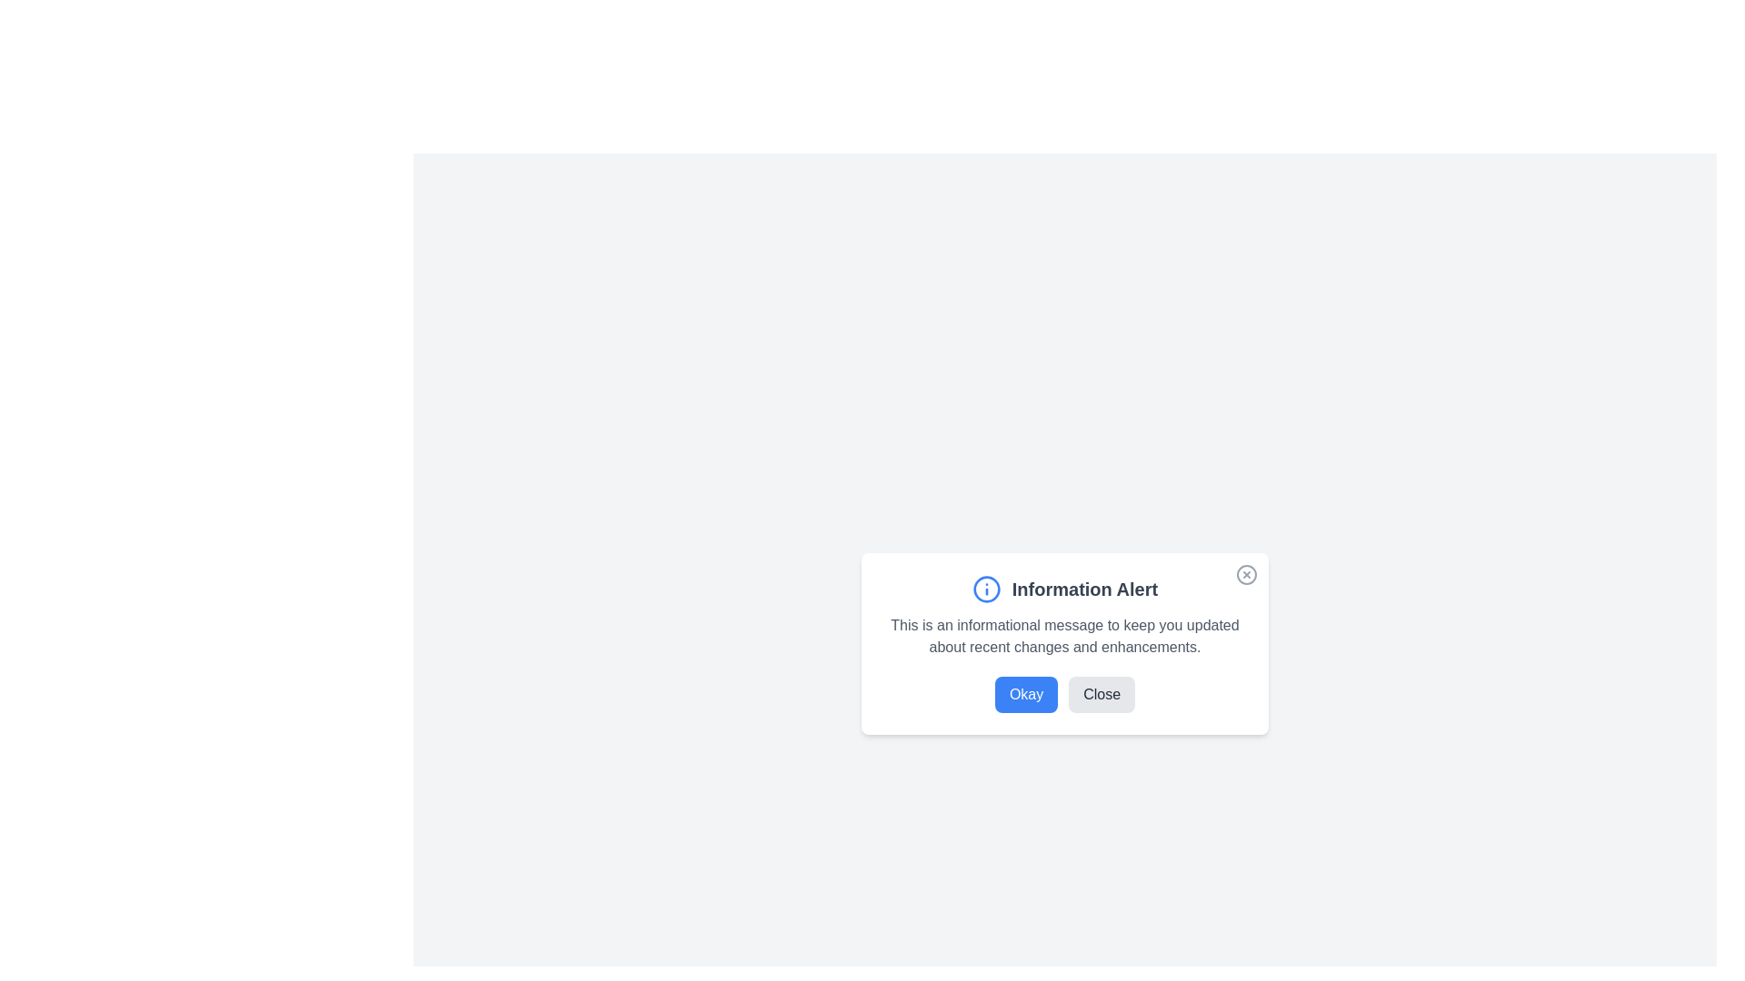 The image size is (1745, 981). What do you see at coordinates (985, 589) in the screenshot?
I see `the circular graphic icon located to the left of the 'Information Alert' text in the notification dialog box` at bounding box center [985, 589].